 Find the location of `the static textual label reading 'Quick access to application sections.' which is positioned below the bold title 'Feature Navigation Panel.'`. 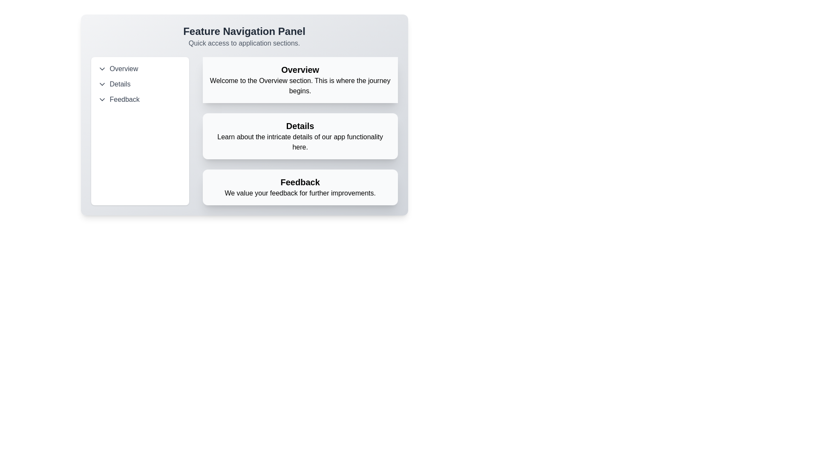

the static textual label reading 'Quick access to application sections.' which is positioned below the bold title 'Feature Navigation Panel.' is located at coordinates (244, 43).